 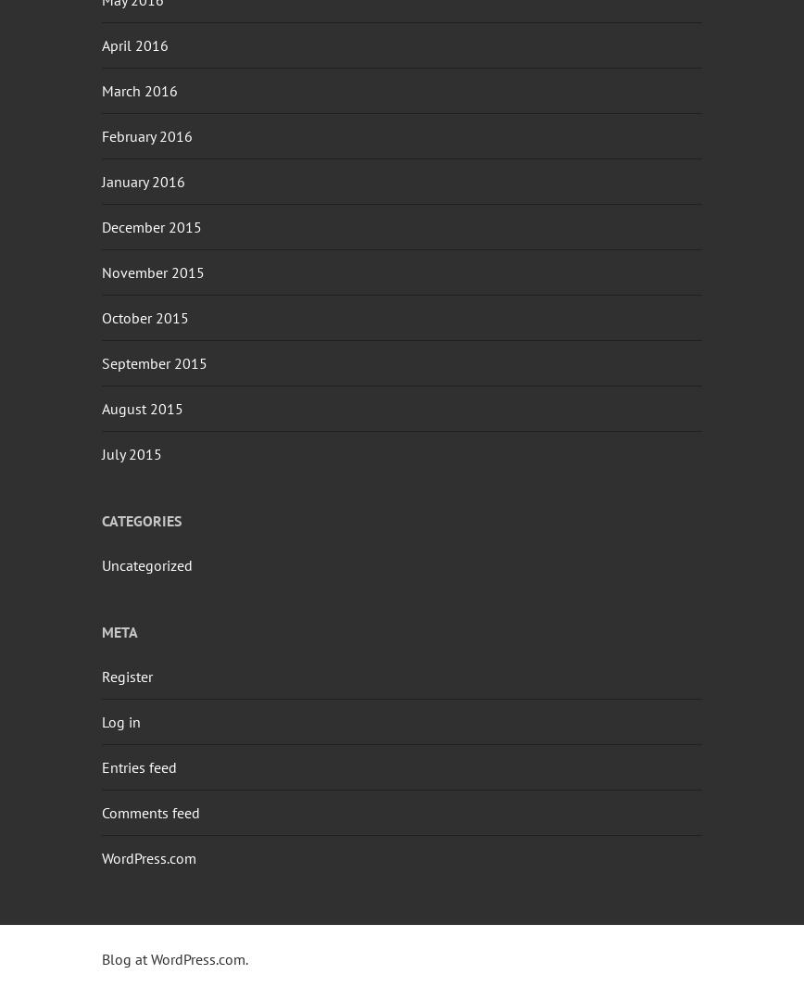 What do you see at coordinates (101, 958) in the screenshot?
I see `'Blog at WordPress.com.'` at bounding box center [101, 958].